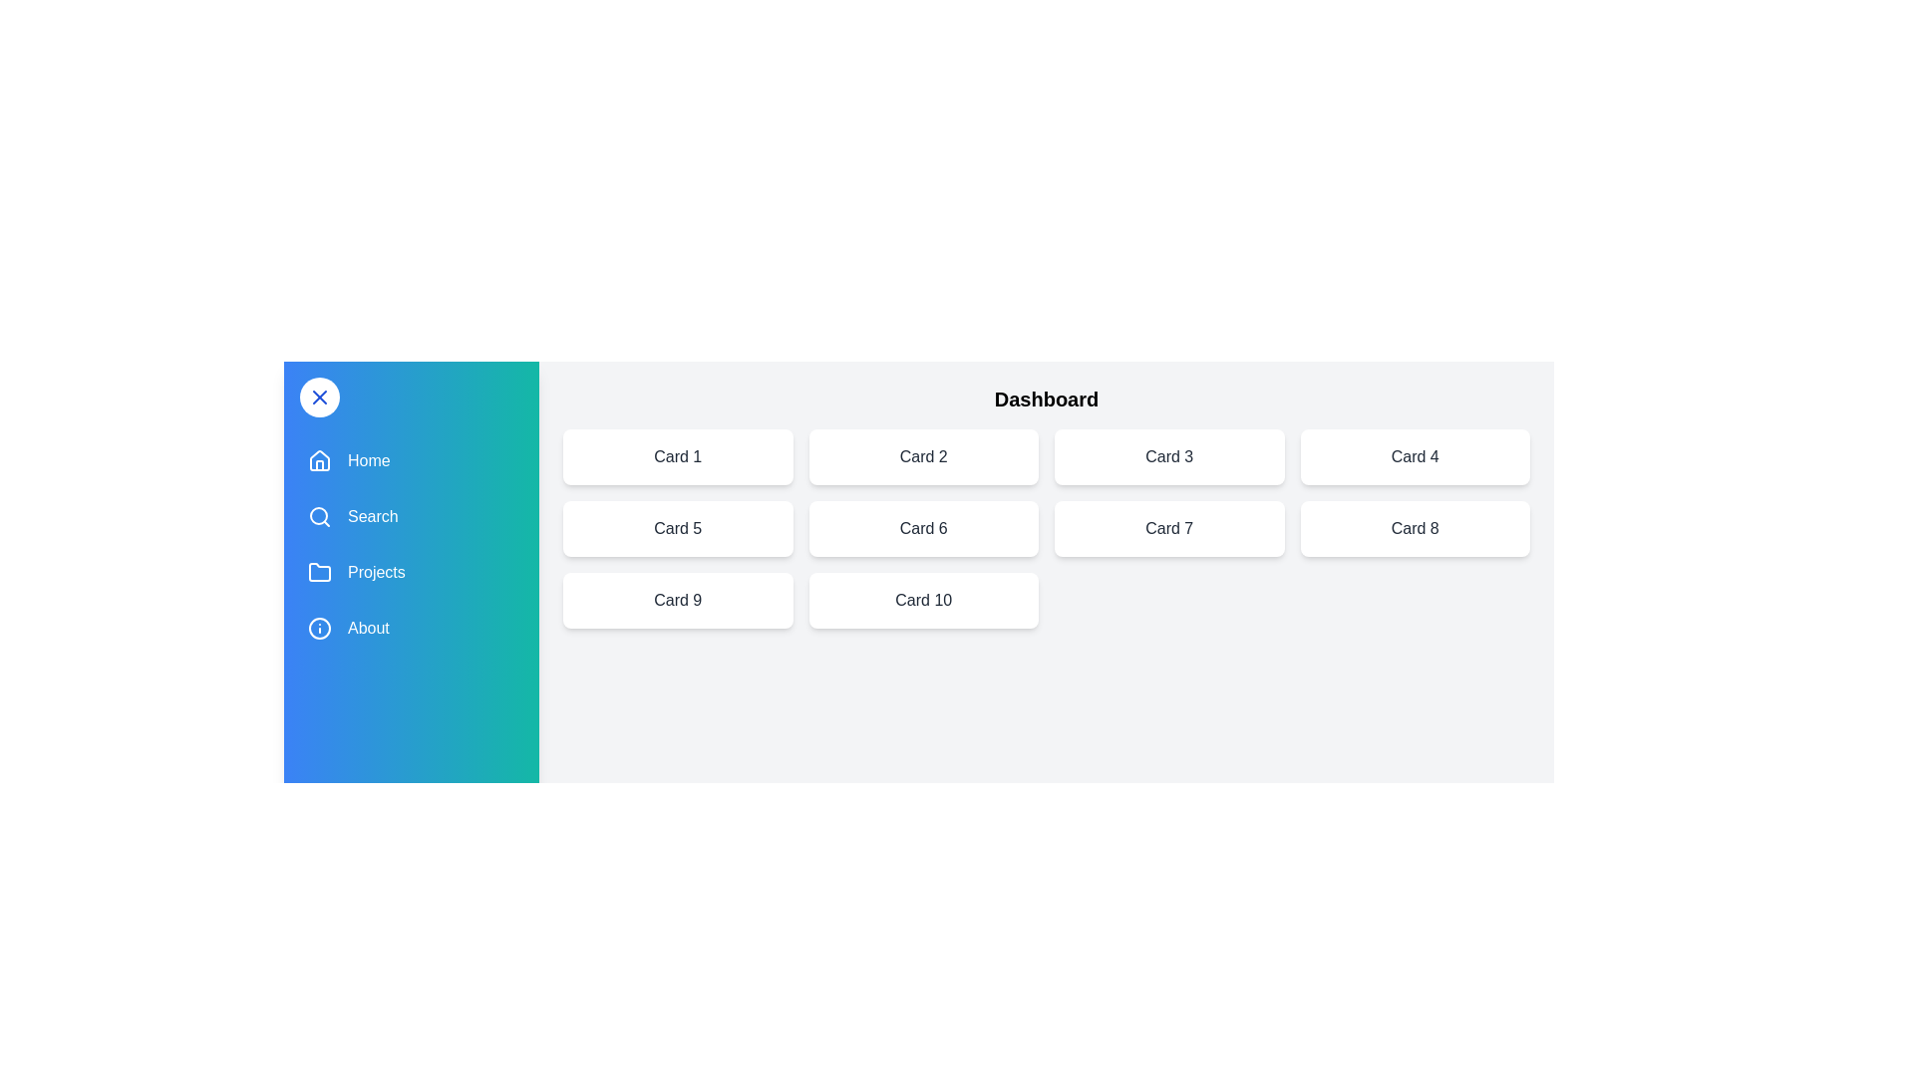  What do you see at coordinates (410, 629) in the screenshot?
I see `the menu item labeled About` at bounding box center [410, 629].